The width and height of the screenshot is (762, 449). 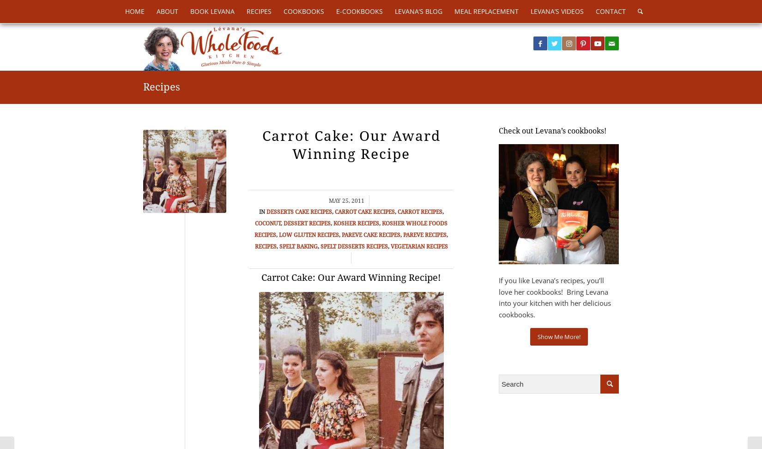 I want to click on 'Home', so click(x=135, y=11).